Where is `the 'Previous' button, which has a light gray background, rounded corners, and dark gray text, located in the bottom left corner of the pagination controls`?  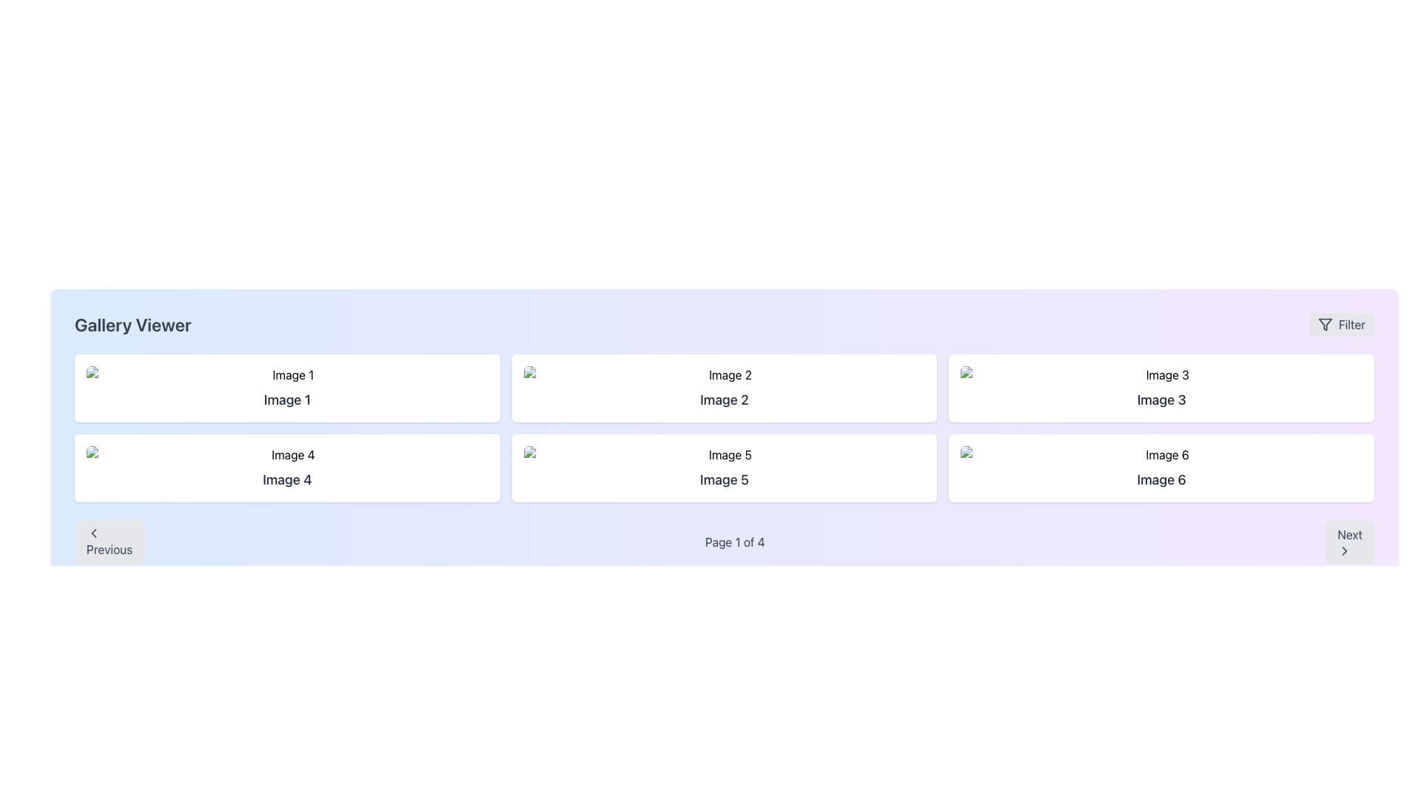
the 'Previous' button, which has a light gray background, rounded corners, and dark gray text, located in the bottom left corner of the pagination controls is located at coordinates (109, 542).